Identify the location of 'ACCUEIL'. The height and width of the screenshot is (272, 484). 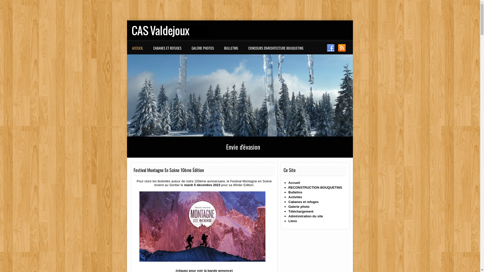
(139, 50).